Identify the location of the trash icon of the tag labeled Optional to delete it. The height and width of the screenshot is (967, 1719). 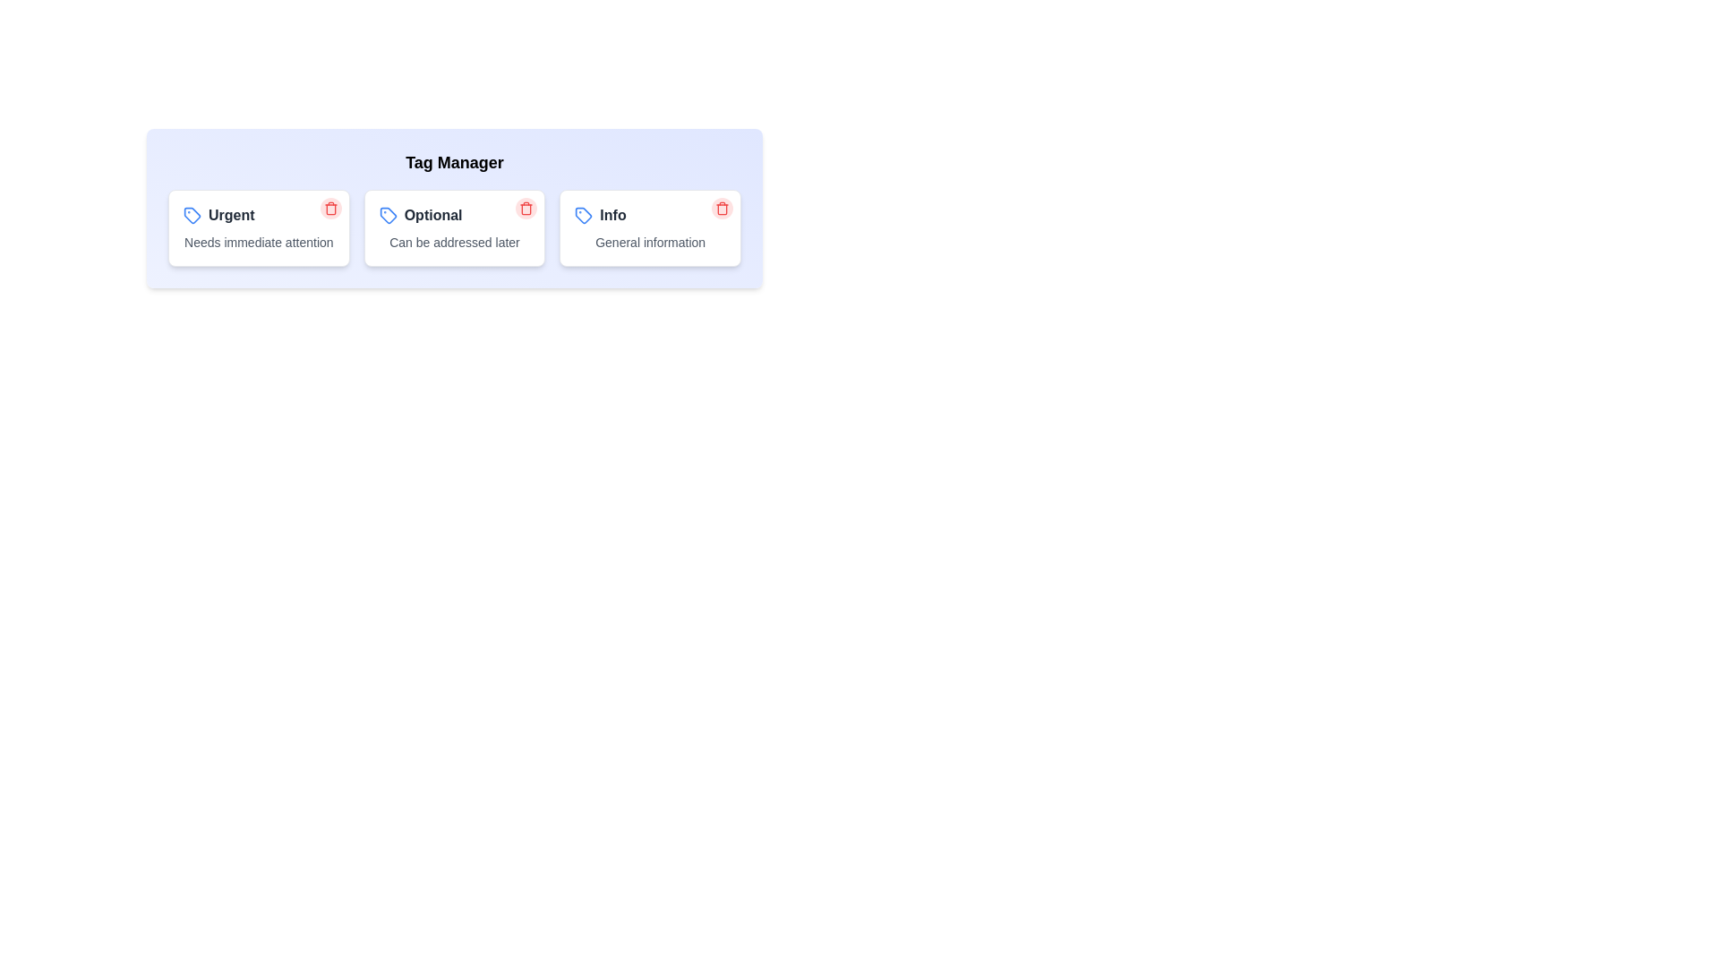
(526, 207).